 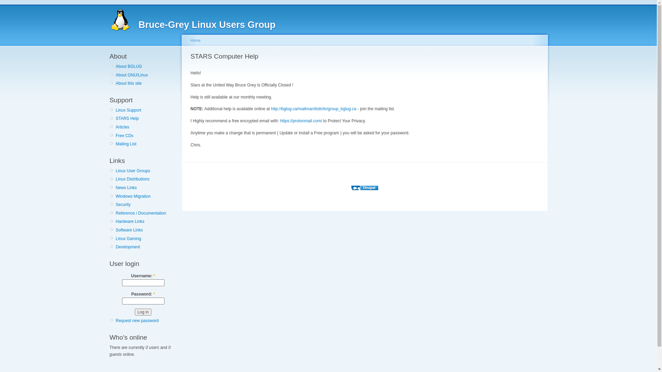 I want to click on 'Linux Distributions', so click(x=116, y=179).